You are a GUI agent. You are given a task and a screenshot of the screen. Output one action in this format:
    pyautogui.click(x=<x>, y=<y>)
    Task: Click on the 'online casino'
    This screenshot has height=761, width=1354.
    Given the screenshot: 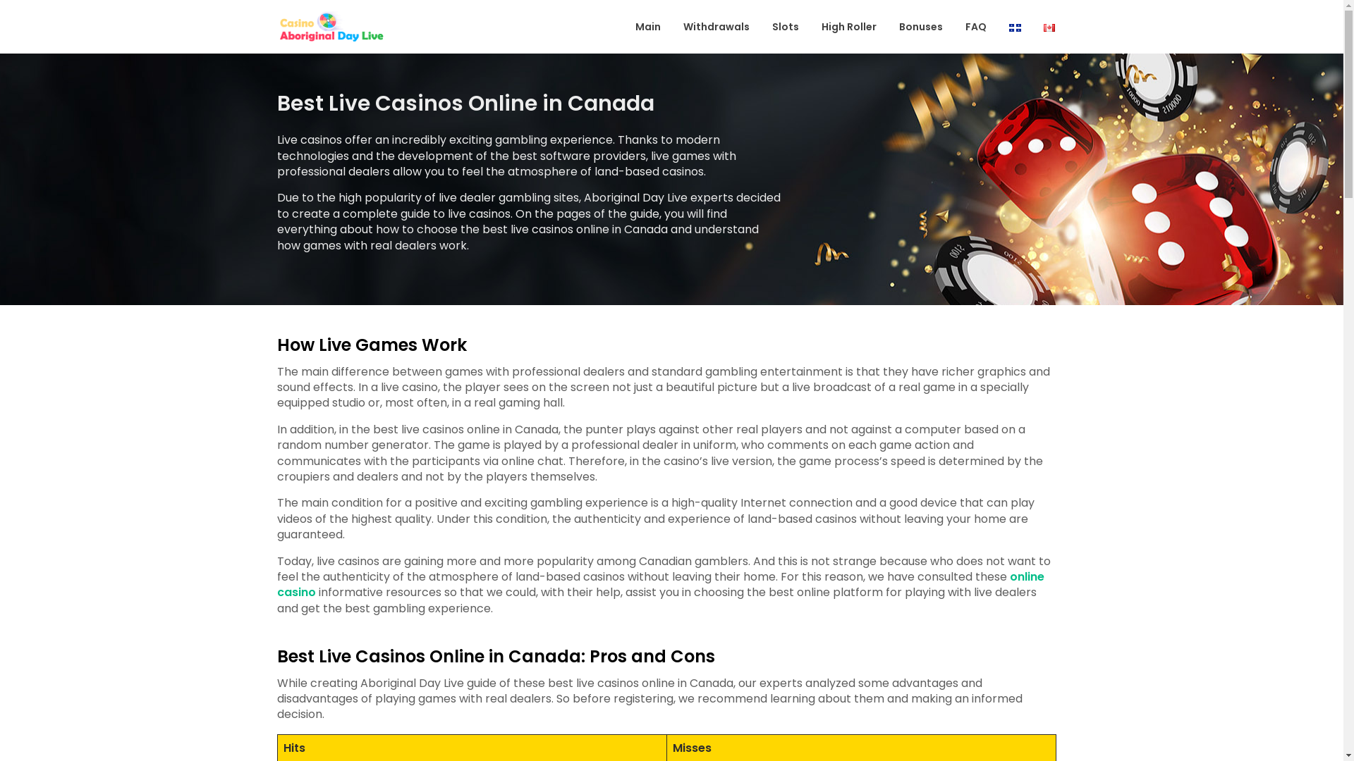 What is the action you would take?
    pyautogui.click(x=276, y=584)
    